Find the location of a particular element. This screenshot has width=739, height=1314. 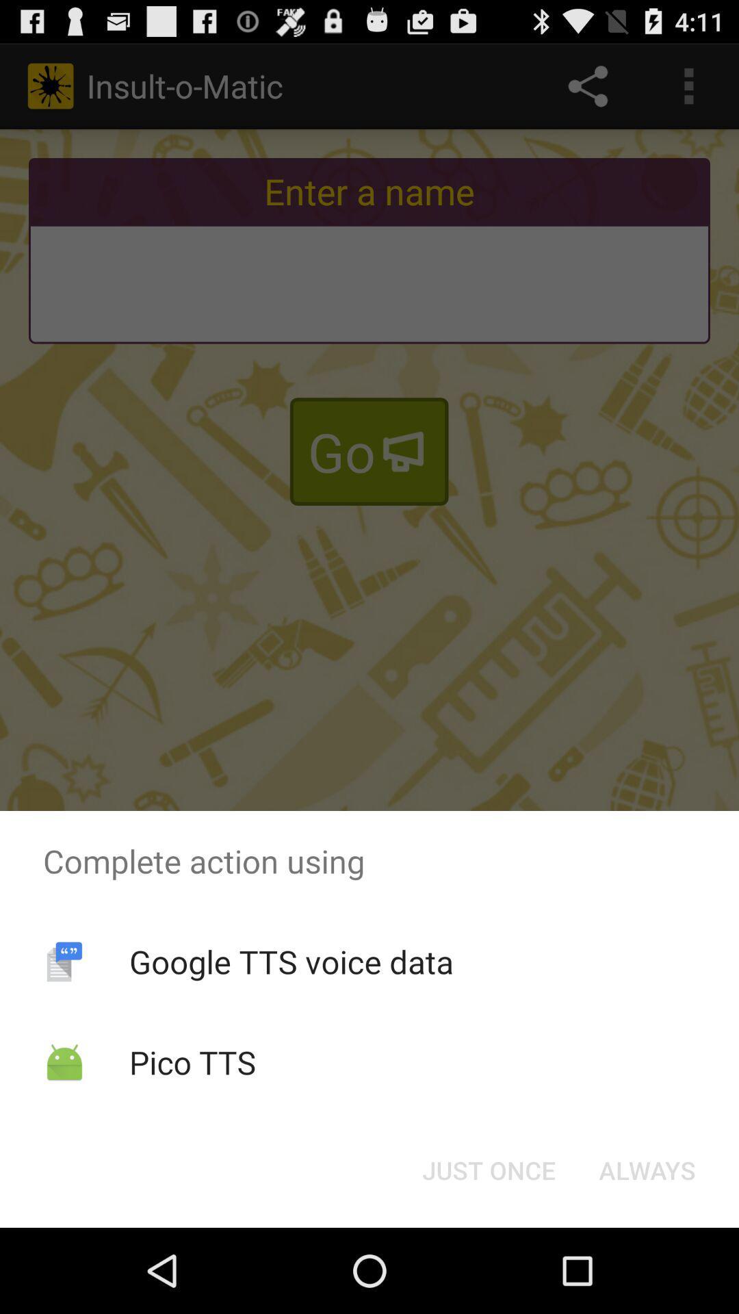

app below the google tts voice item is located at coordinates (192, 1061).